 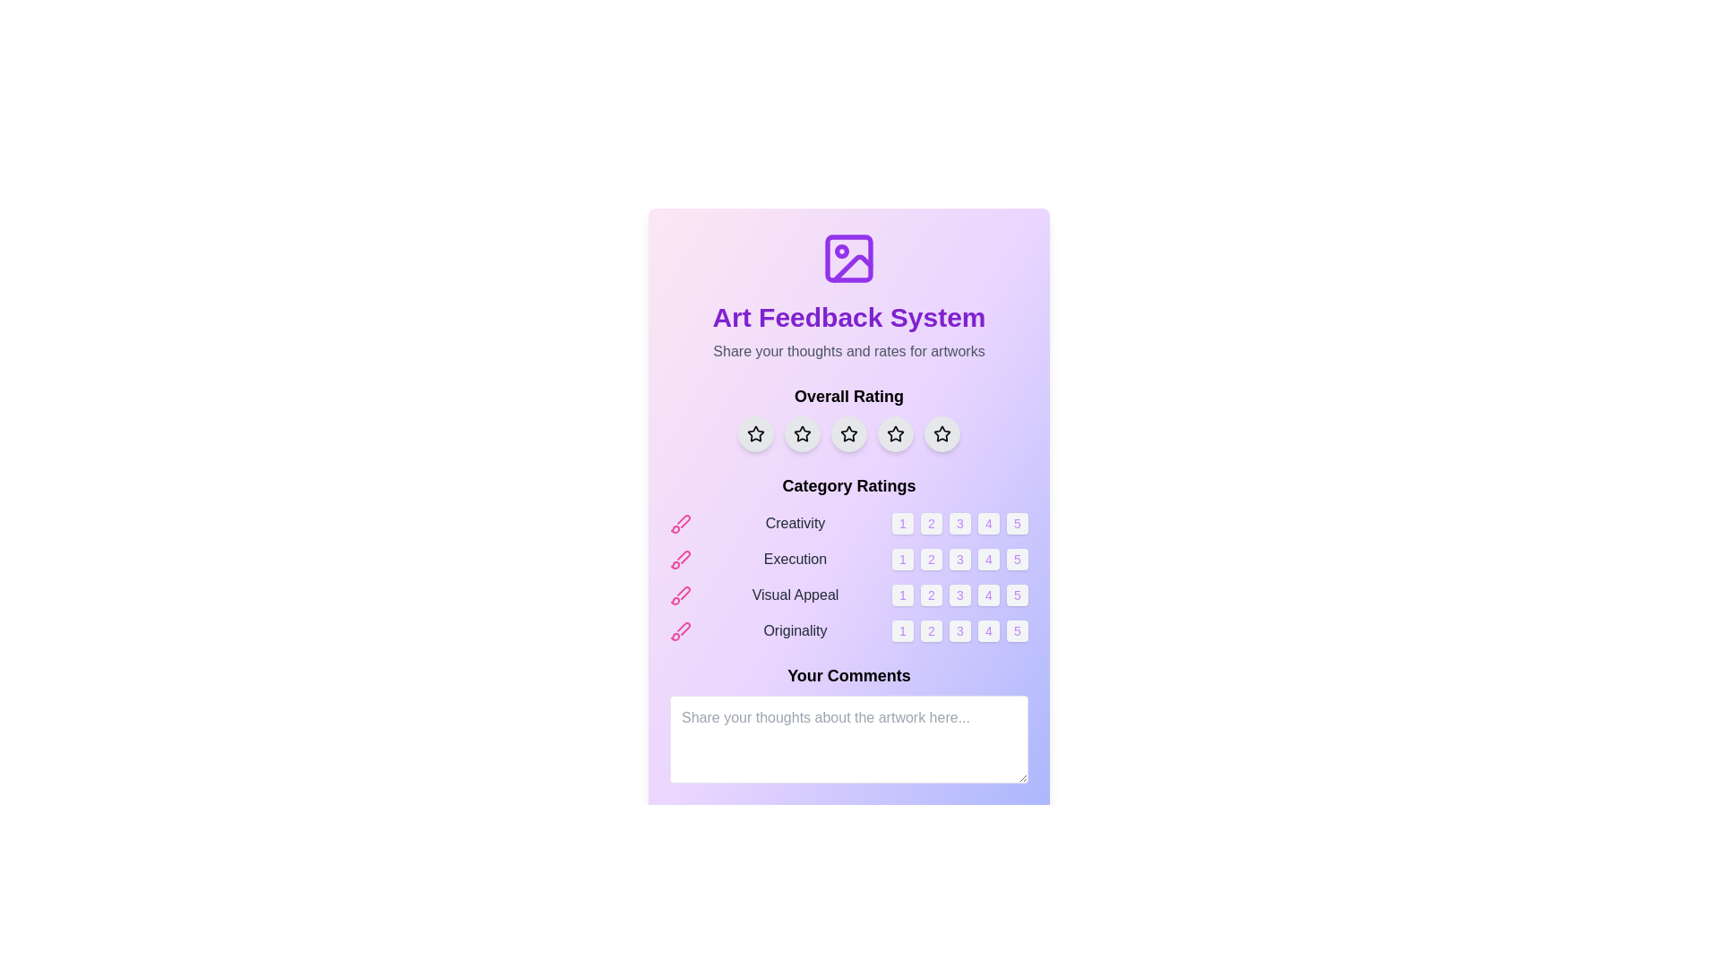 I want to click on the third star icon in the rating system located under the 'Overall Rating' section to provide feedback, so click(x=802, y=434).